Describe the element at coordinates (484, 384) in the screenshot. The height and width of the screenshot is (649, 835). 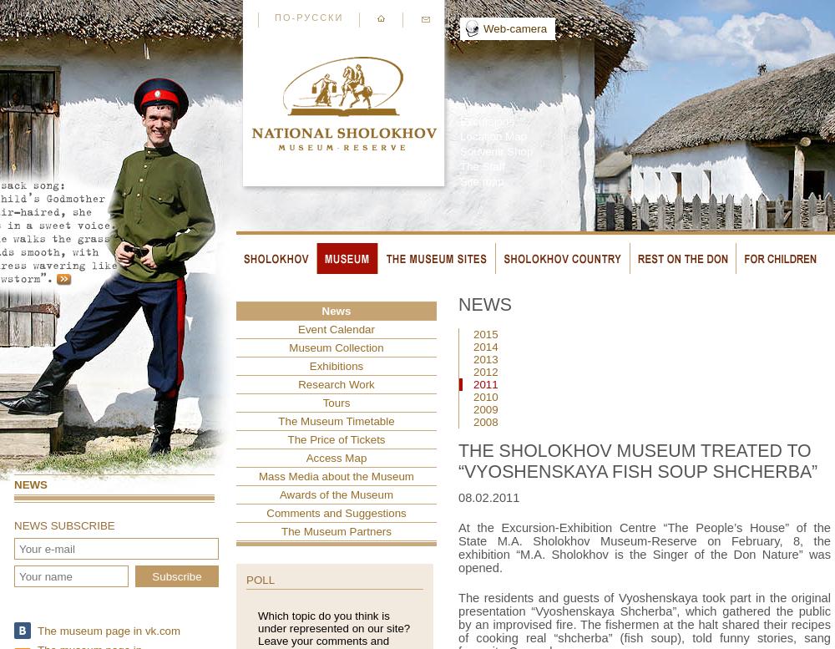
I see `'2011'` at that location.